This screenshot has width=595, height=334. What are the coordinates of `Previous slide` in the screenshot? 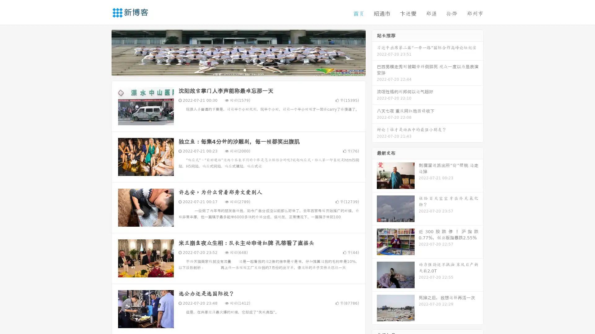 It's located at (102, 52).